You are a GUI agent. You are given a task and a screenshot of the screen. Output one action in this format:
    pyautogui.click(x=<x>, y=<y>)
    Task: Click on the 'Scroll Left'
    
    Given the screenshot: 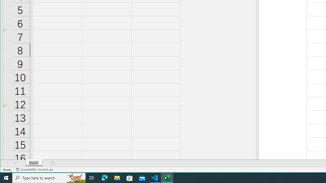 What is the action you would take?
    pyautogui.click(x=8, y=163)
    